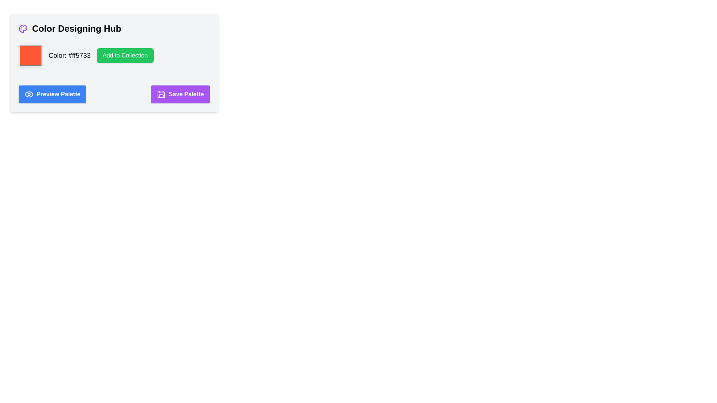  I want to click on the reddish-orange color swatch (Color Picker) represented as a 16x16 pixel square with rounded corners and a shadow, located in the Color Designing Hub section, so click(30, 55).